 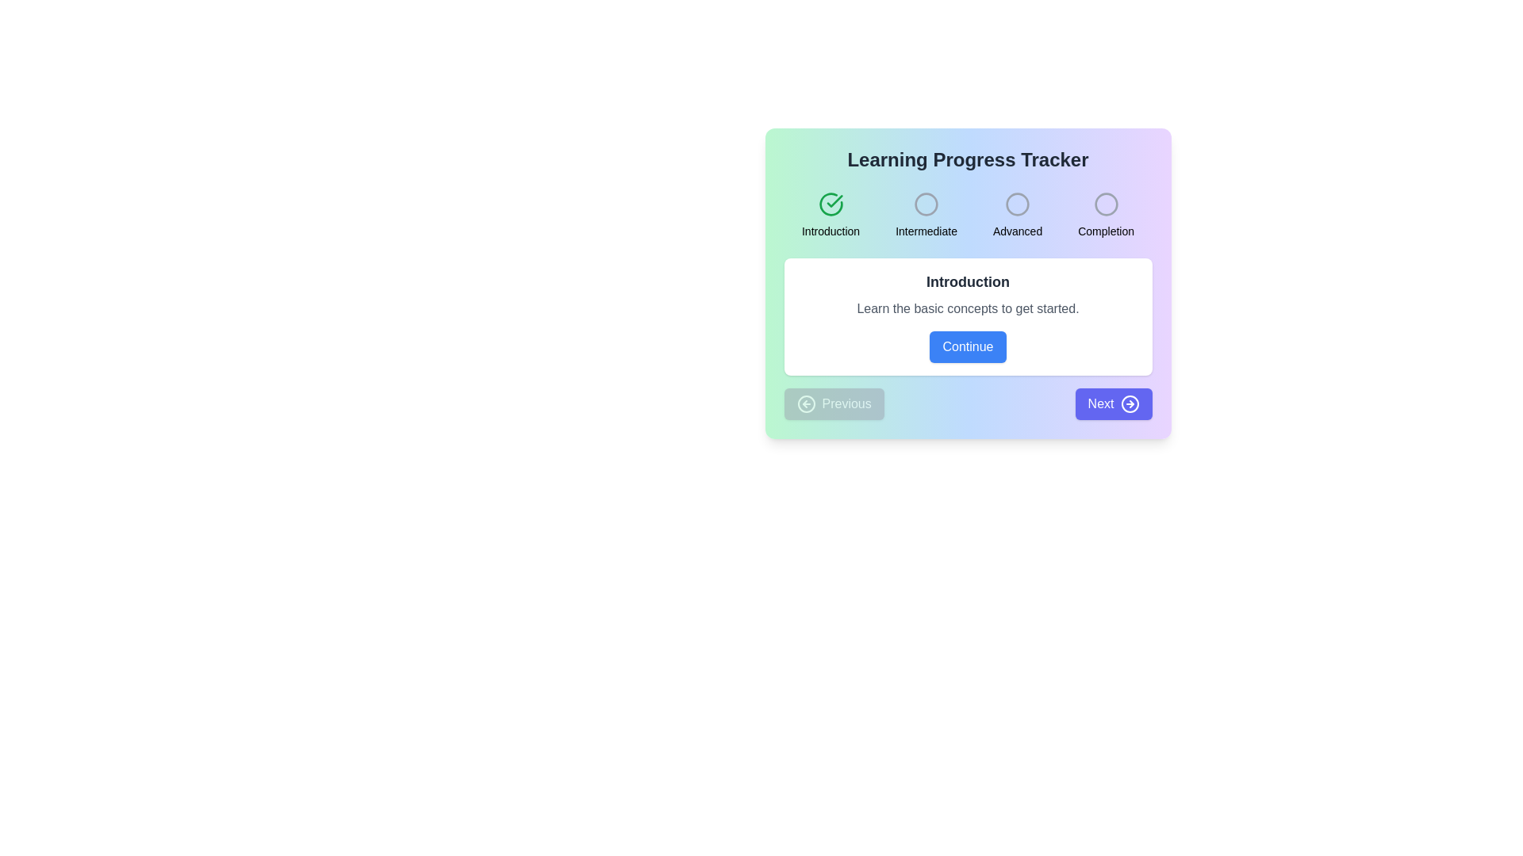 I want to click on the circular outline icon with a light gray stroke, located above the 'Advanced' label in the progress tracker interface, so click(x=1018, y=204).